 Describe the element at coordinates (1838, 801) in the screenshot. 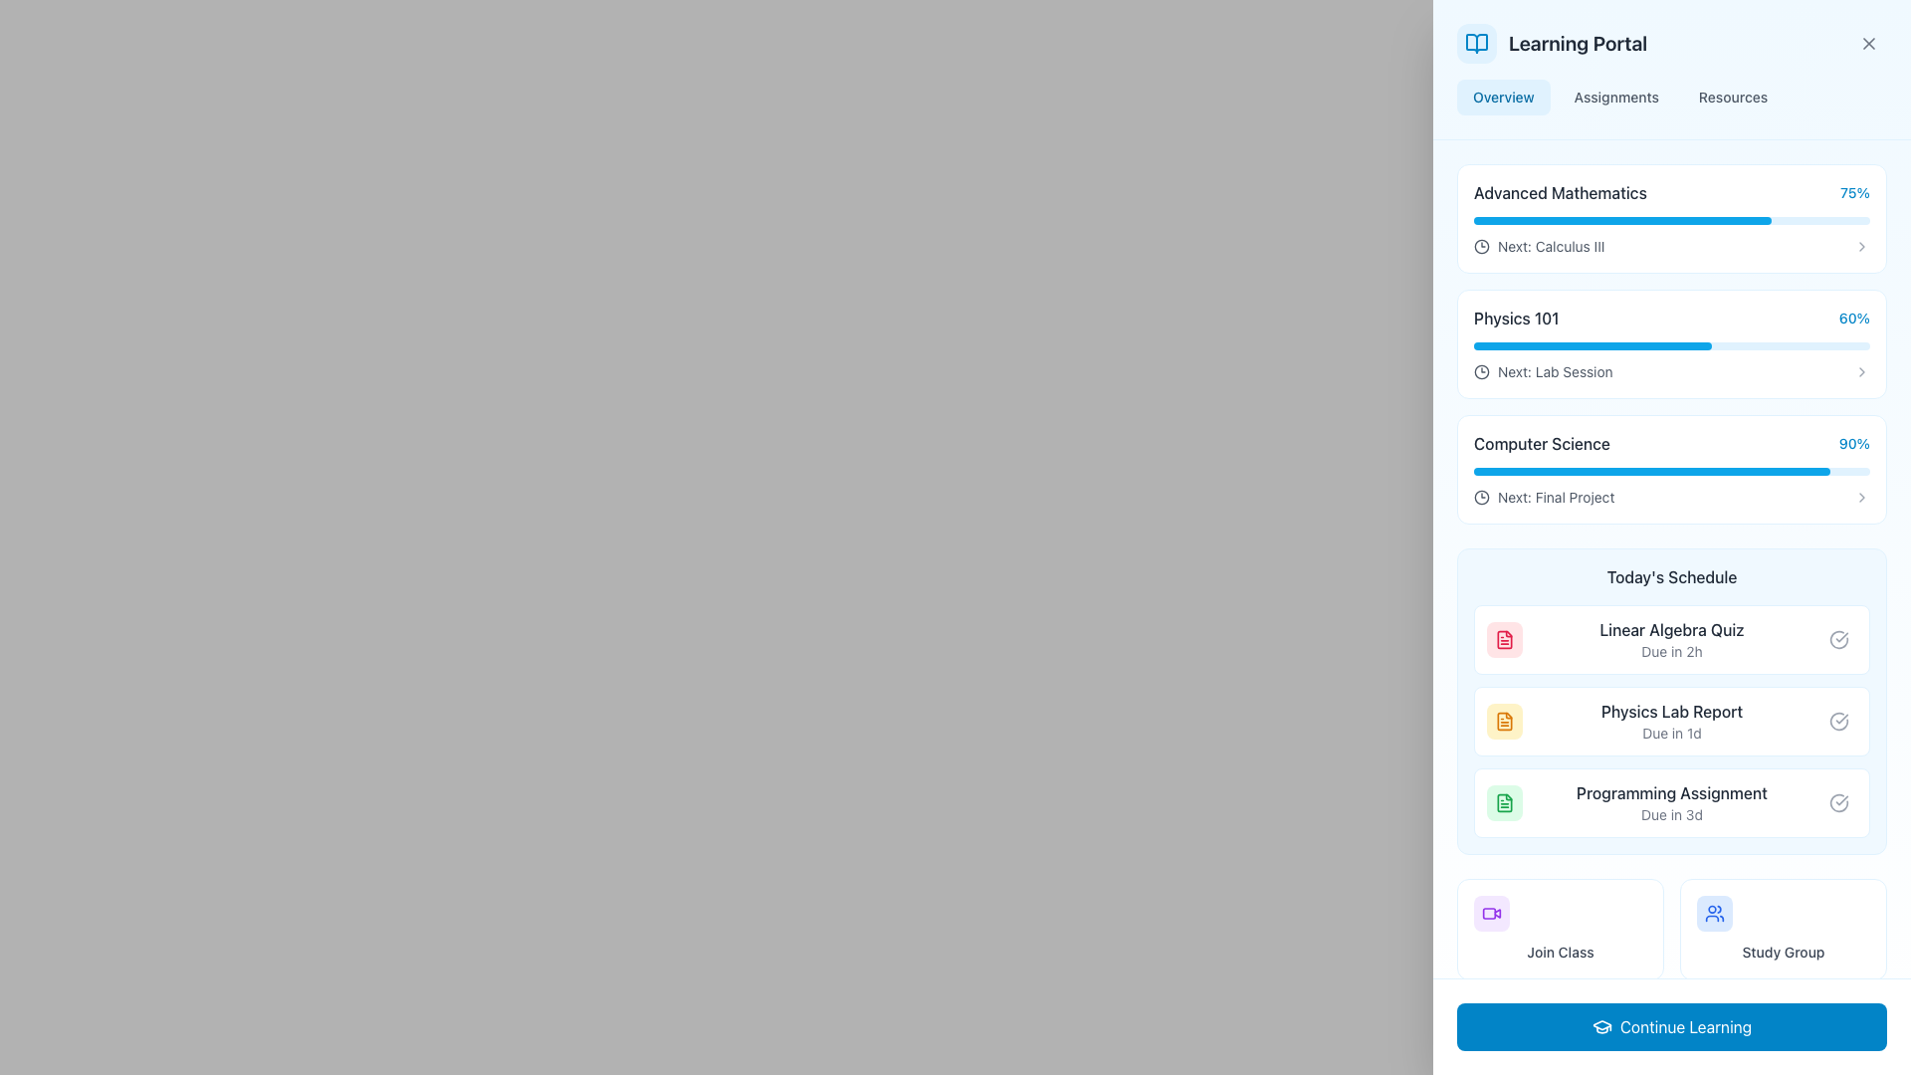

I see `the task completion icon located on the right side of the entry in the 'Today's Schedule' section, adjacent to the text 'Programming Assignment Due in 3d.'` at that location.